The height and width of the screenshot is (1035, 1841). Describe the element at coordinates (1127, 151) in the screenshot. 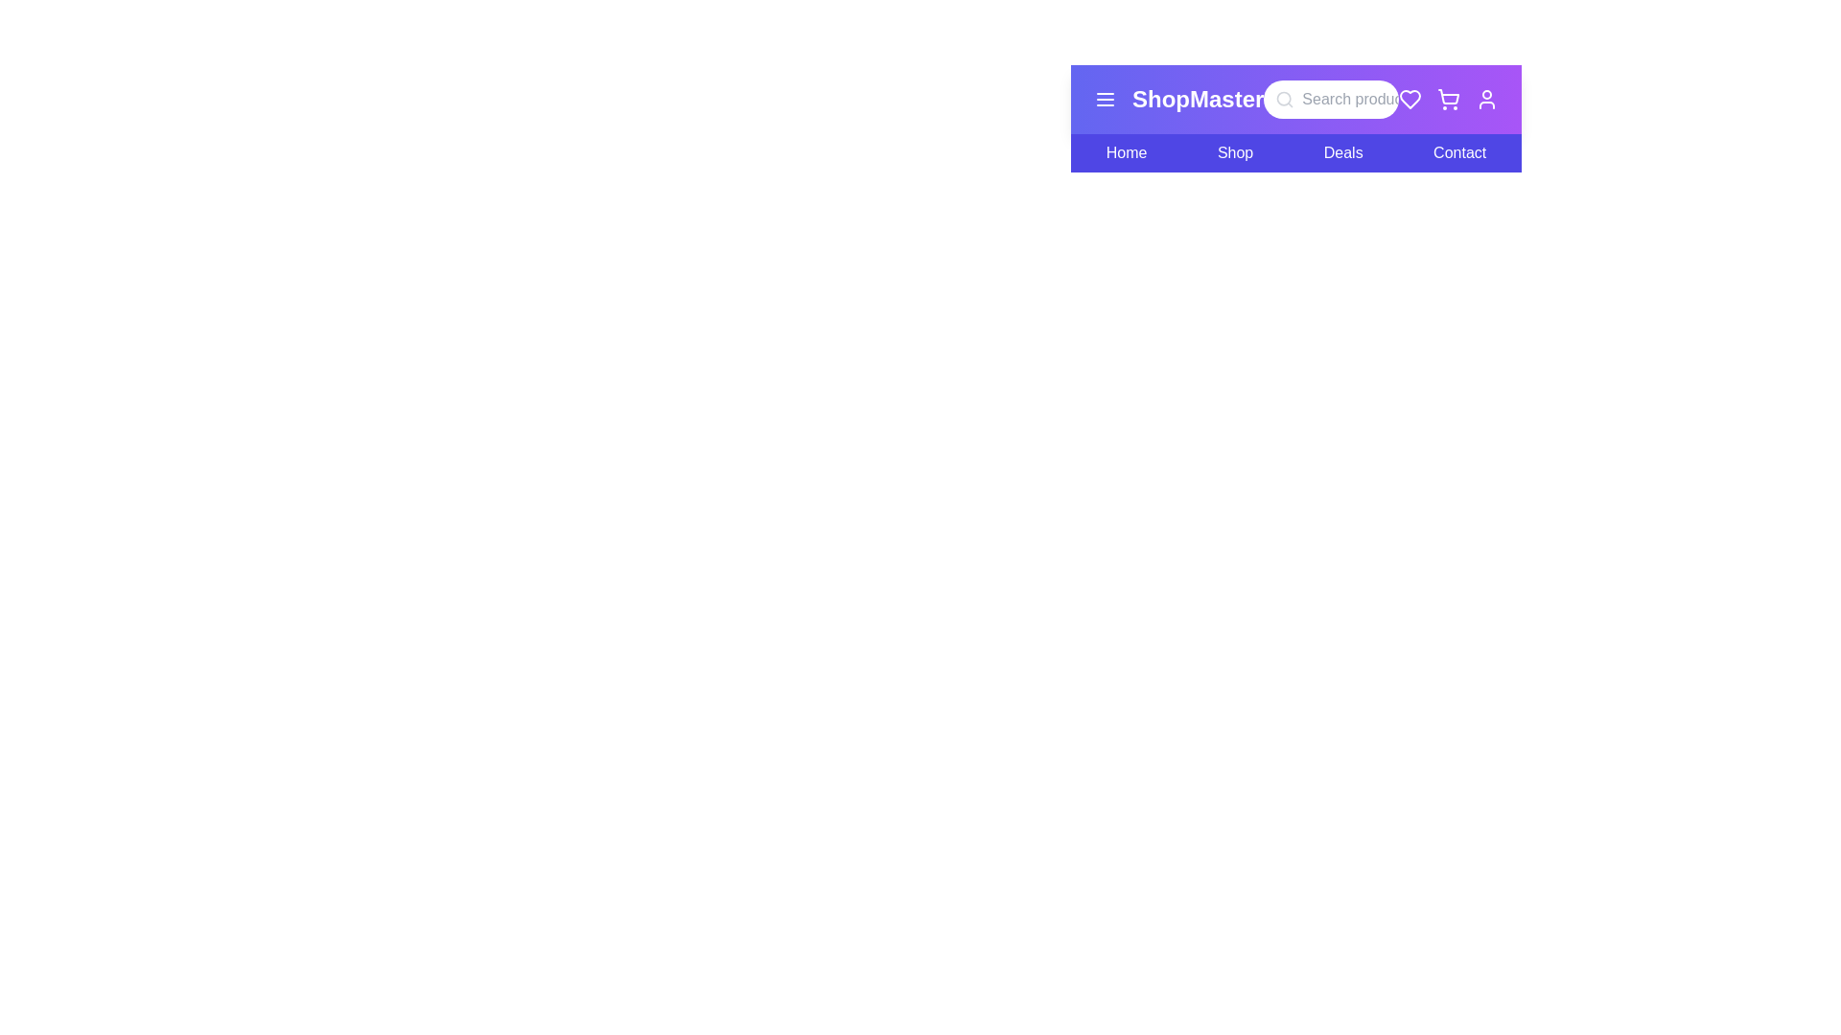

I see `the Home menu item in the navigation bar` at that location.